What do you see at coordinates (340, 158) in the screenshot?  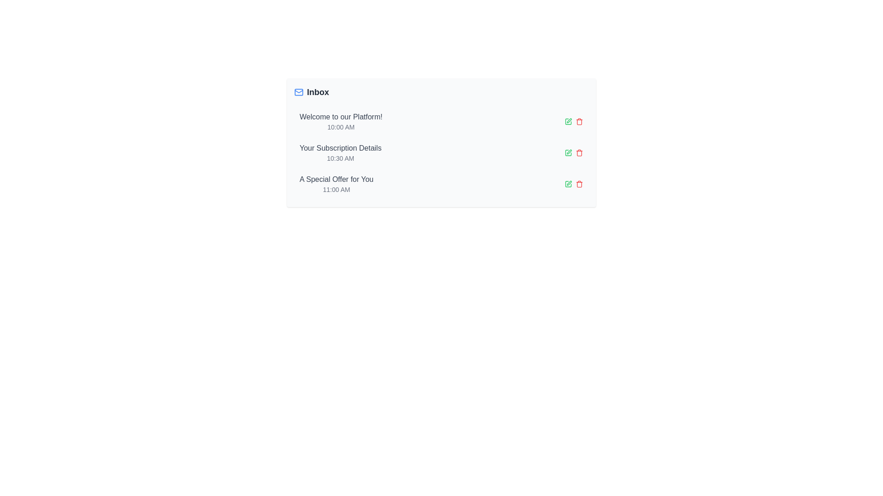 I see `the static text displaying the timestamp associated with 'Your Subscription Details', positioned between '10:00 AM' and '11:00 AM'` at bounding box center [340, 158].